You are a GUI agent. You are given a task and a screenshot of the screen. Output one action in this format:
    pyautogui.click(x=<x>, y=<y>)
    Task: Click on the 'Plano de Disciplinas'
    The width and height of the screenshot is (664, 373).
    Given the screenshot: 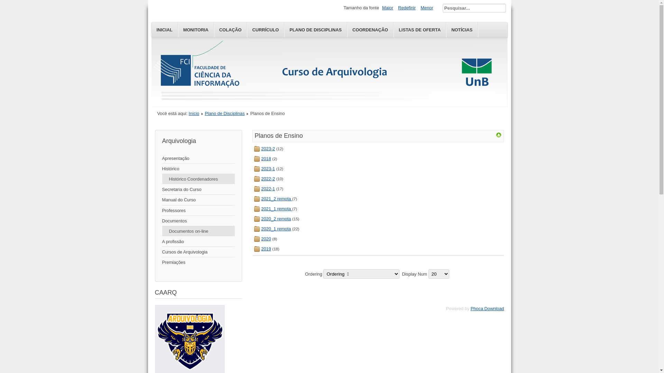 What is the action you would take?
    pyautogui.click(x=224, y=113)
    